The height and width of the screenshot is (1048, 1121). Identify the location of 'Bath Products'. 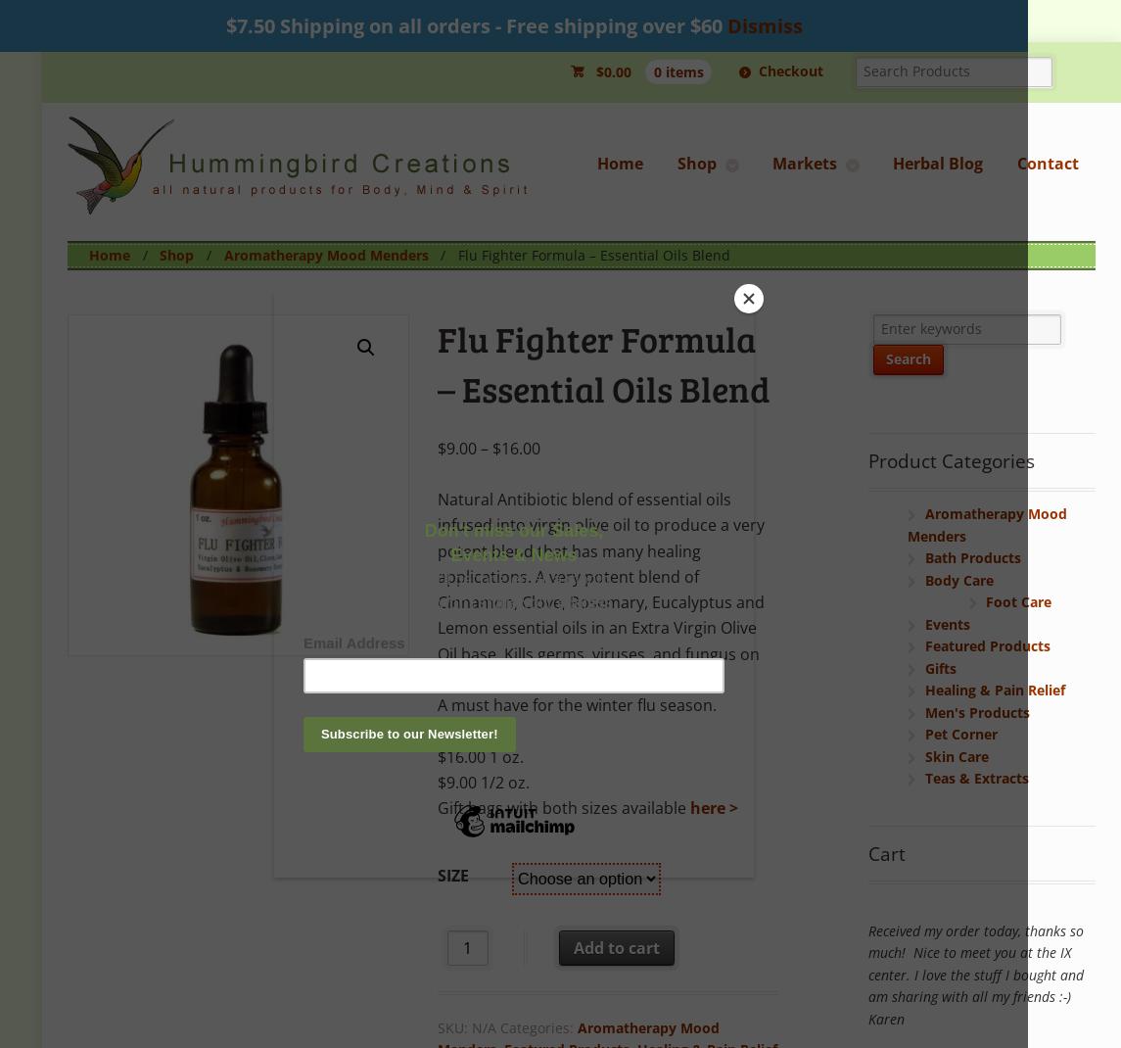
(970, 556).